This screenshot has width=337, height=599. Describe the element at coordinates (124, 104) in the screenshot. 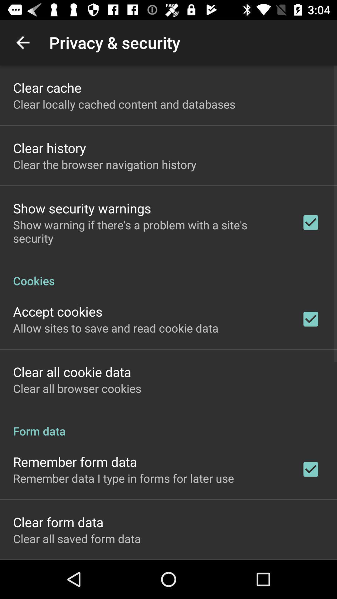

I see `the app below clear cache app` at that location.